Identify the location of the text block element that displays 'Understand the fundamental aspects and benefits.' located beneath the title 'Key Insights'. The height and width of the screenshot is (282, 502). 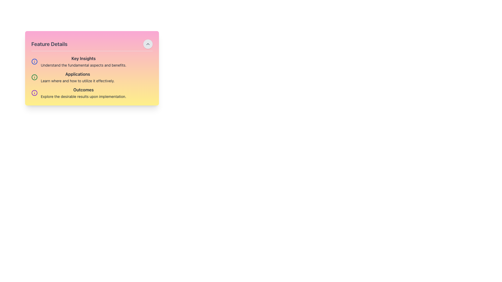
(83, 65).